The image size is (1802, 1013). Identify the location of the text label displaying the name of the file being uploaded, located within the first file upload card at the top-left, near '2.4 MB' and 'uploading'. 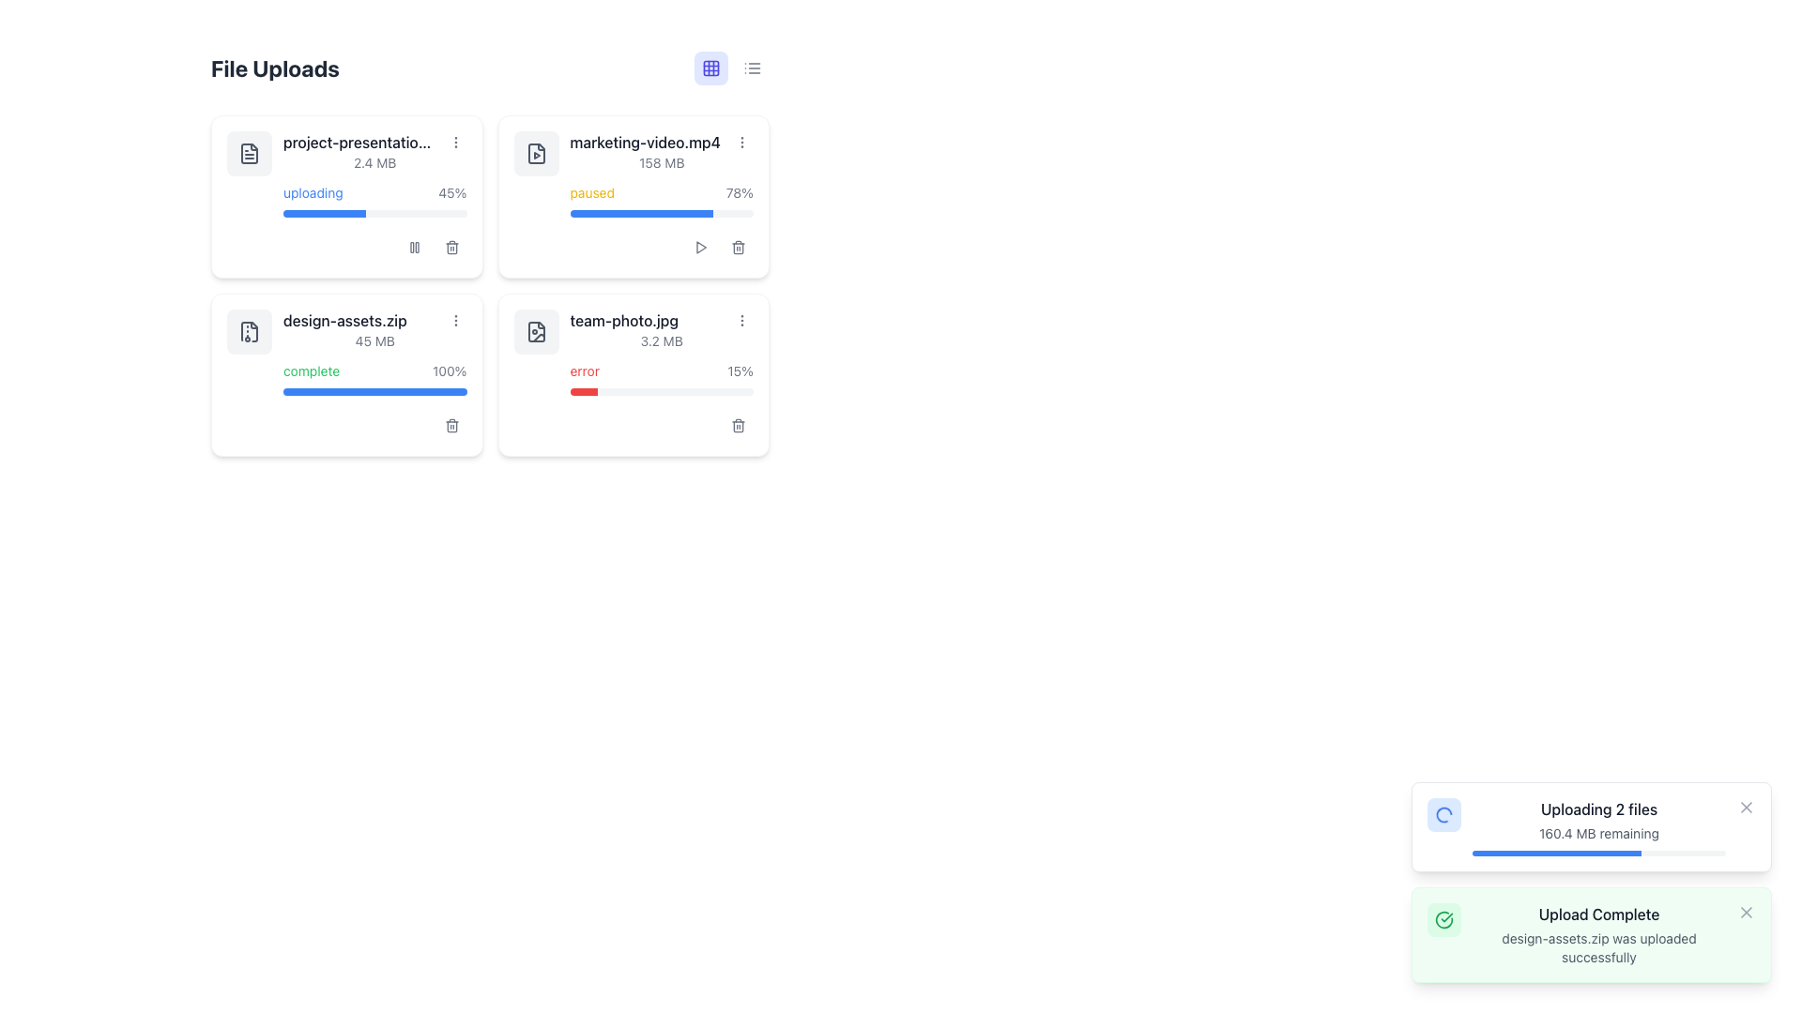
(374, 141).